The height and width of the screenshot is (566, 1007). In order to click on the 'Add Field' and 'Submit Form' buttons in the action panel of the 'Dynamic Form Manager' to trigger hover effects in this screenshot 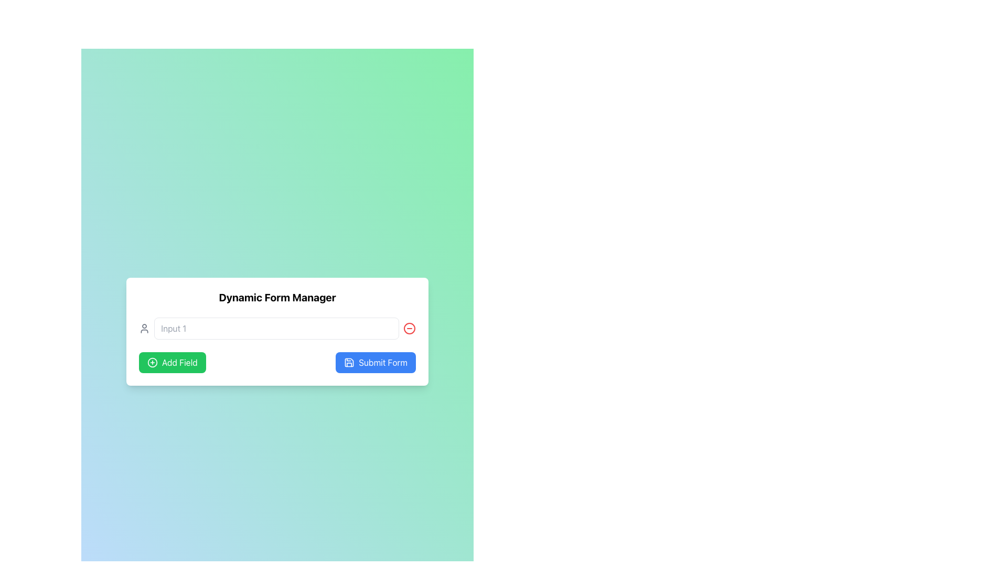, I will do `click(277, 362)`.